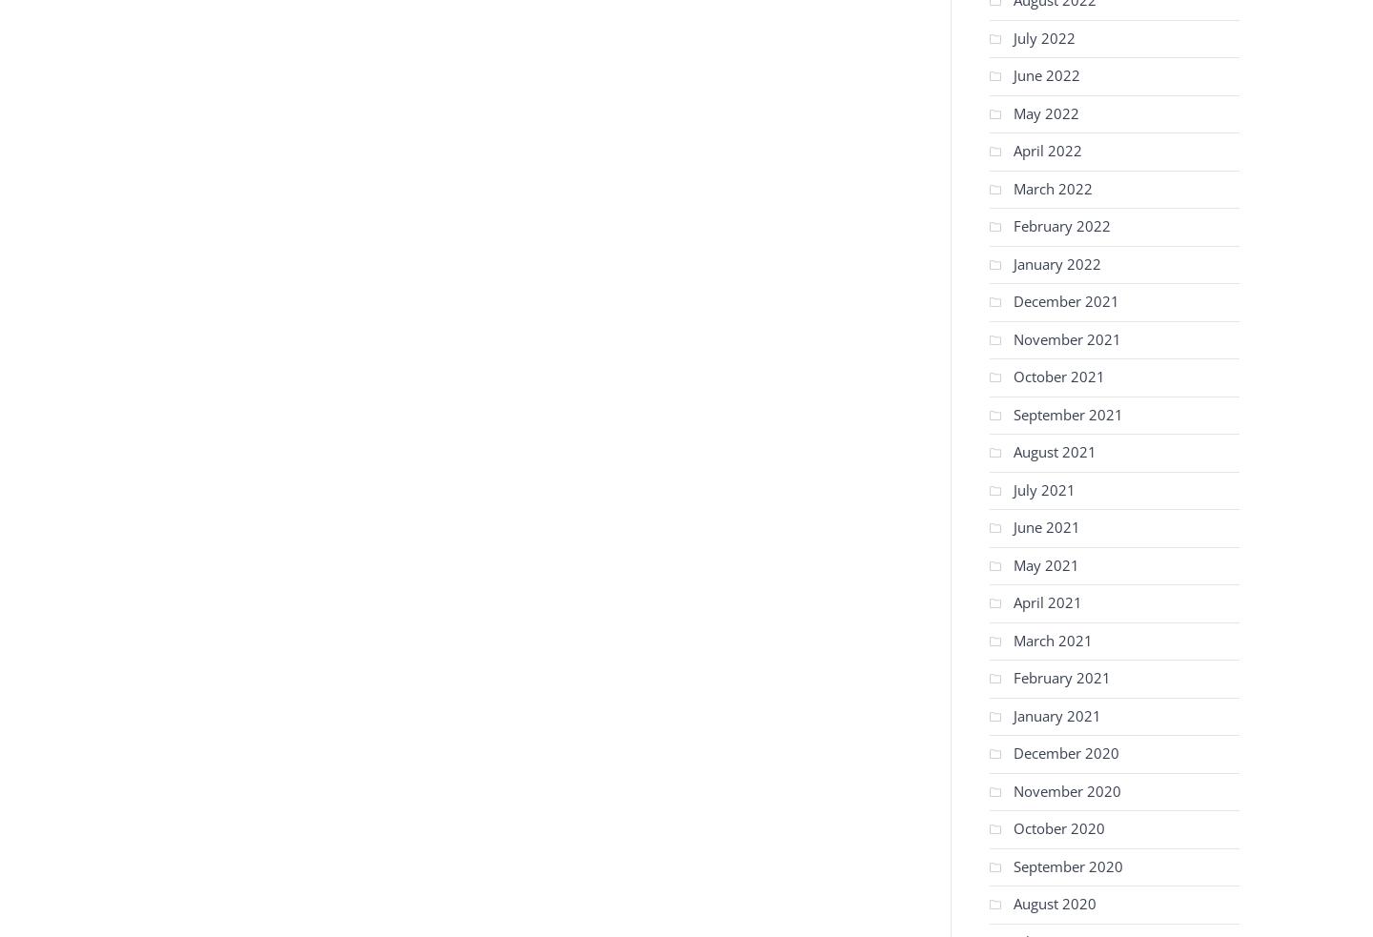 This screenshot has width=1373, height=937. I want to click on 'October 2021', so click(1057, 375).